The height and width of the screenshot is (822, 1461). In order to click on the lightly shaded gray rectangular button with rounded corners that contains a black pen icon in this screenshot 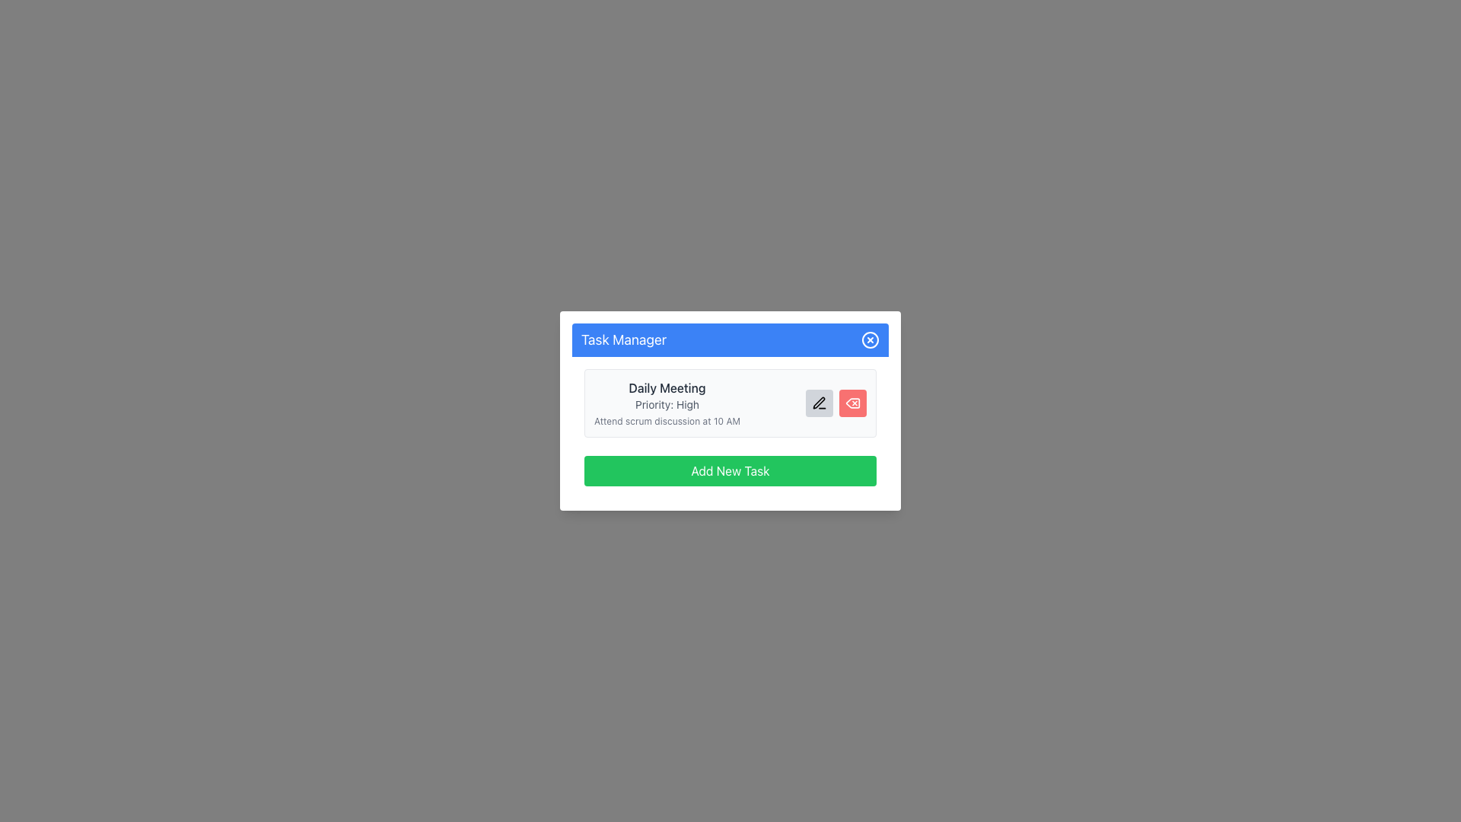, I will do `click(818, 402)`.